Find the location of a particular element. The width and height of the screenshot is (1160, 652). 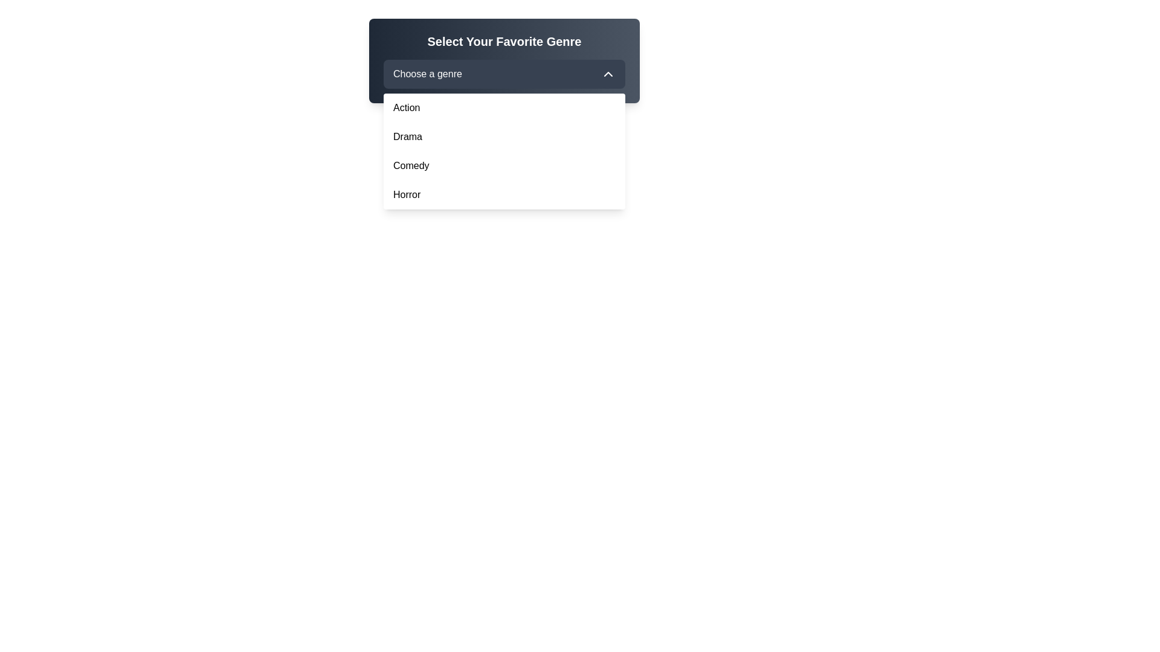

the 'Drama' label in the dropdown menu is located at coordinates (408, 136).